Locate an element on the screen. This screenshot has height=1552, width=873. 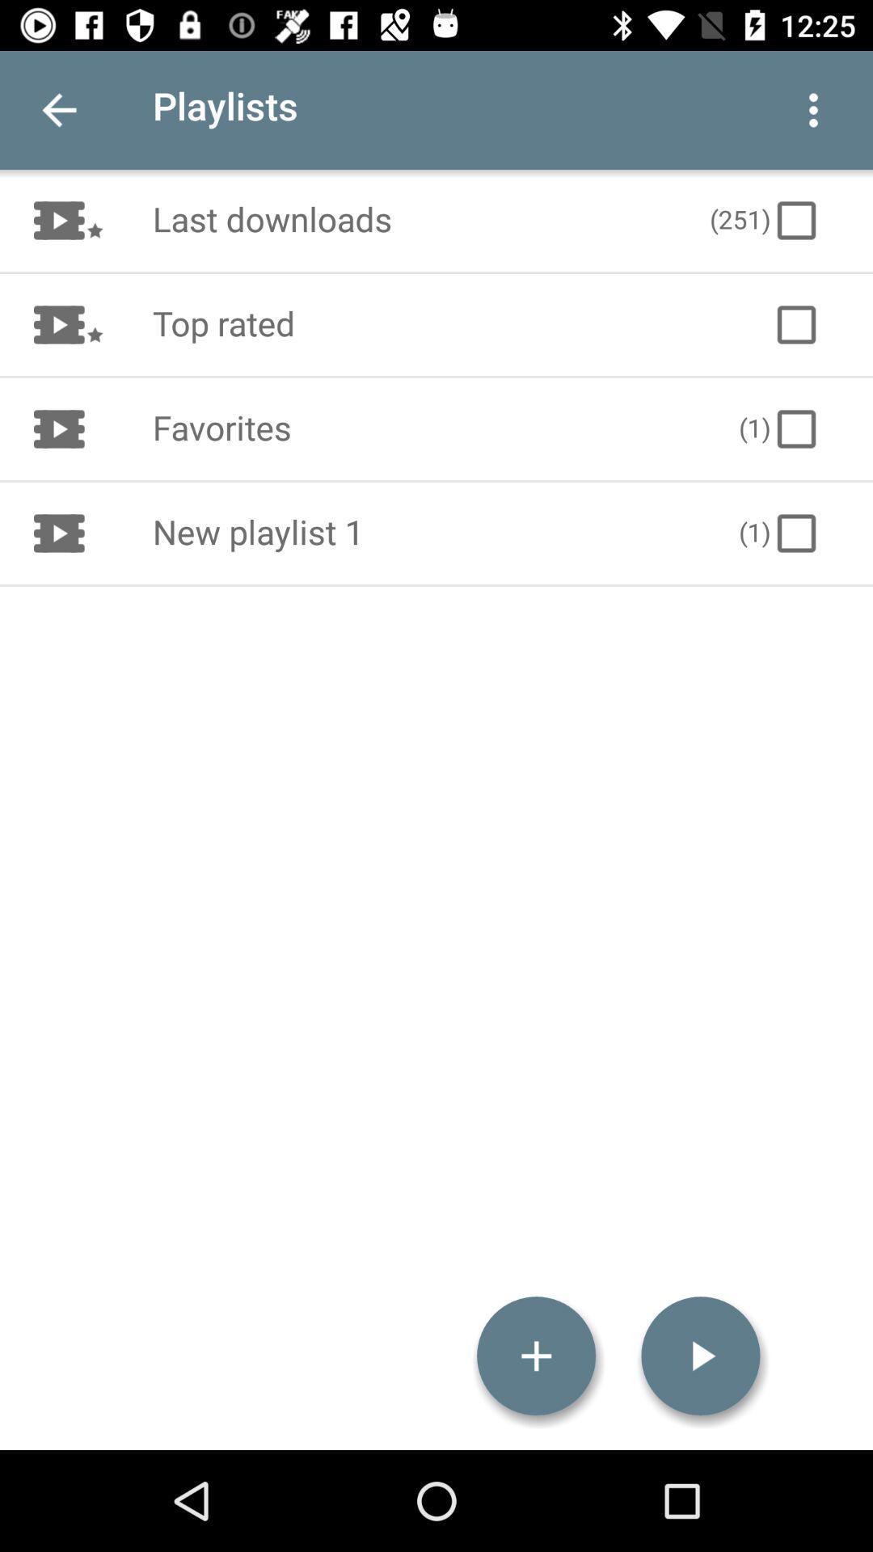
item next to last downloads item is located at coordinates (765, 220).